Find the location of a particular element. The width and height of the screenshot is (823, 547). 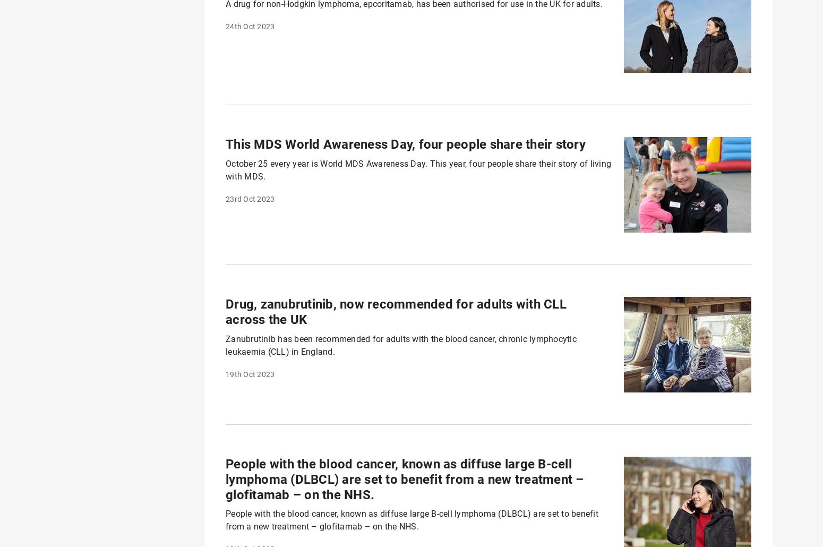

'0808 2080 888' is located at coordinates (421, 384).